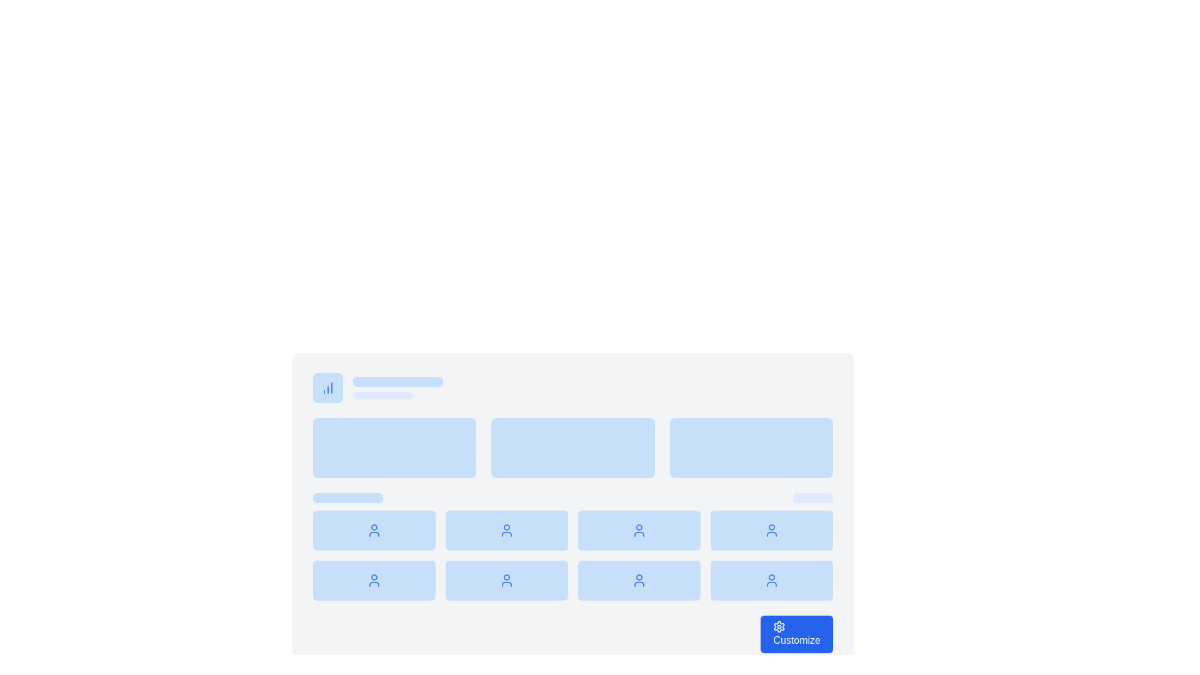 This screenshot has height=675, width=1200. What do you see at coordinates (639, 530) in the screenshot?
I see `the visual card element with a light blue background and user silhouette icon, which is the third card in the first row of the grid layout` at bounding box center [639, 530].